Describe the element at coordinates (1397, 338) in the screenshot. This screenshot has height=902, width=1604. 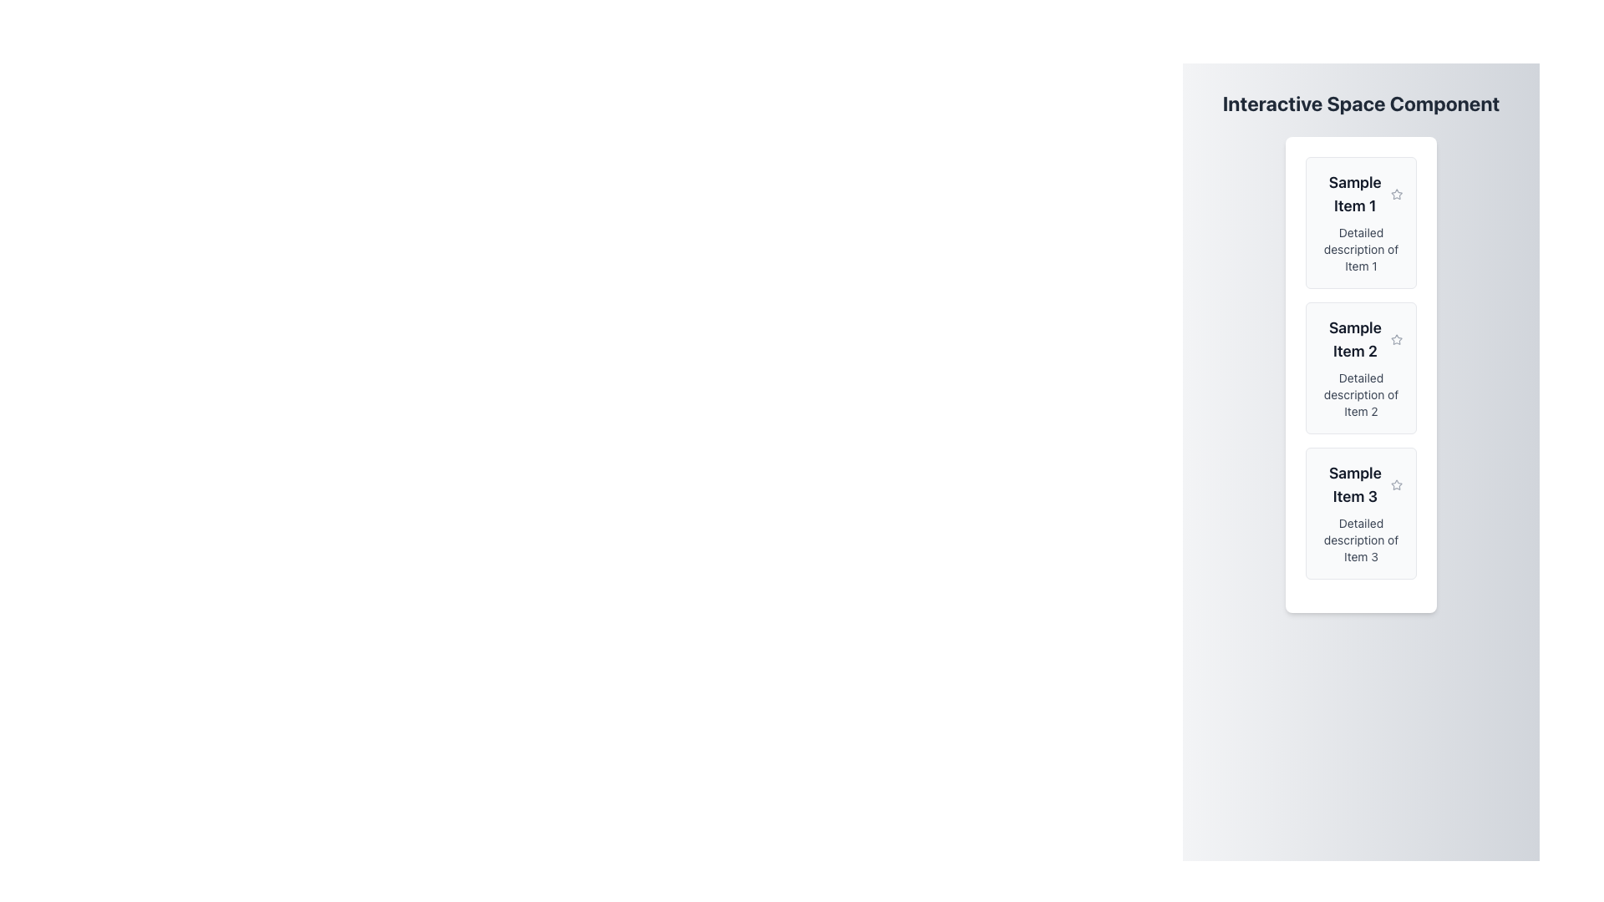
I see `the favorite indicator icon for 'Sample Item 2'` at that location.